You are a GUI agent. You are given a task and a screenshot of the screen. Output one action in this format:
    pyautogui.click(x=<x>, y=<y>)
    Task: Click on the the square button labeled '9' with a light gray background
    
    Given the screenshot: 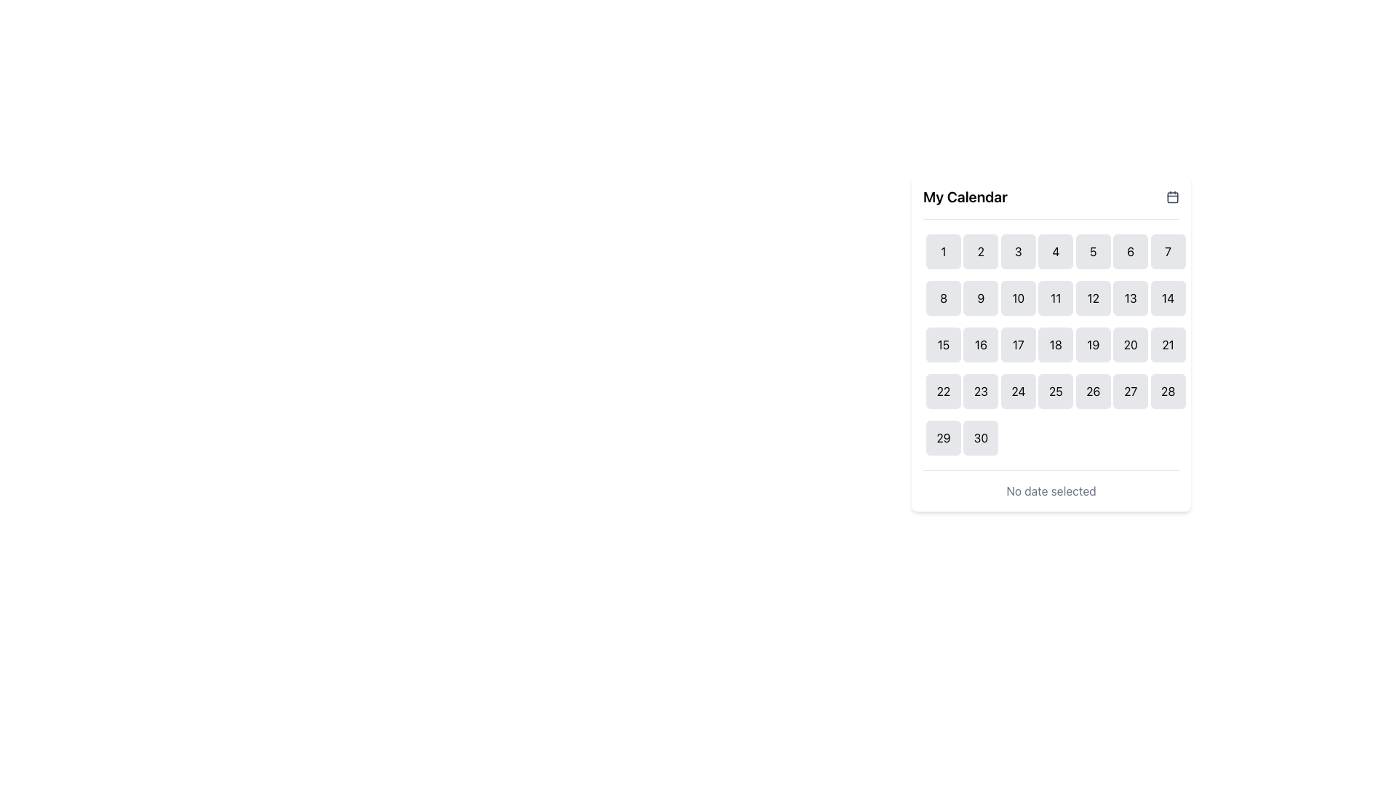 What is the action you would take?
    pyautogui.click(x=981, y=297)
    